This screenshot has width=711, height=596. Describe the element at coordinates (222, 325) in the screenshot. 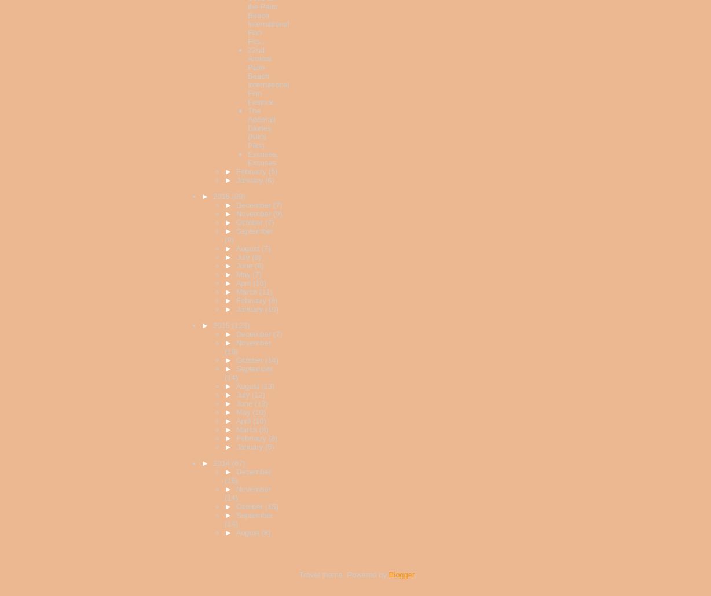

I see `'2015'` at that location.